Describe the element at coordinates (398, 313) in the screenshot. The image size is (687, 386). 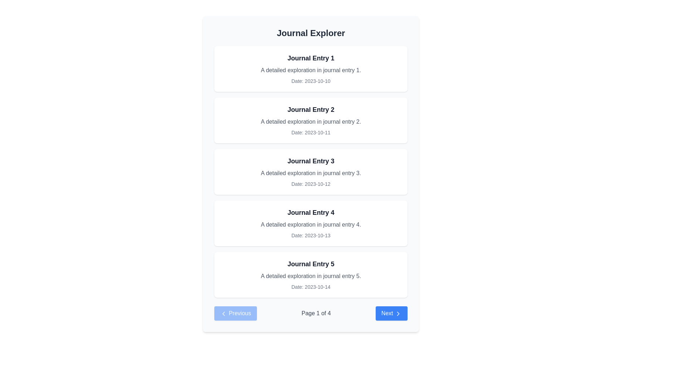
I see `the 'Next' button located at the bottom-right corner of the pagination control area, which visually indicates moving to the next page or section` at that location.